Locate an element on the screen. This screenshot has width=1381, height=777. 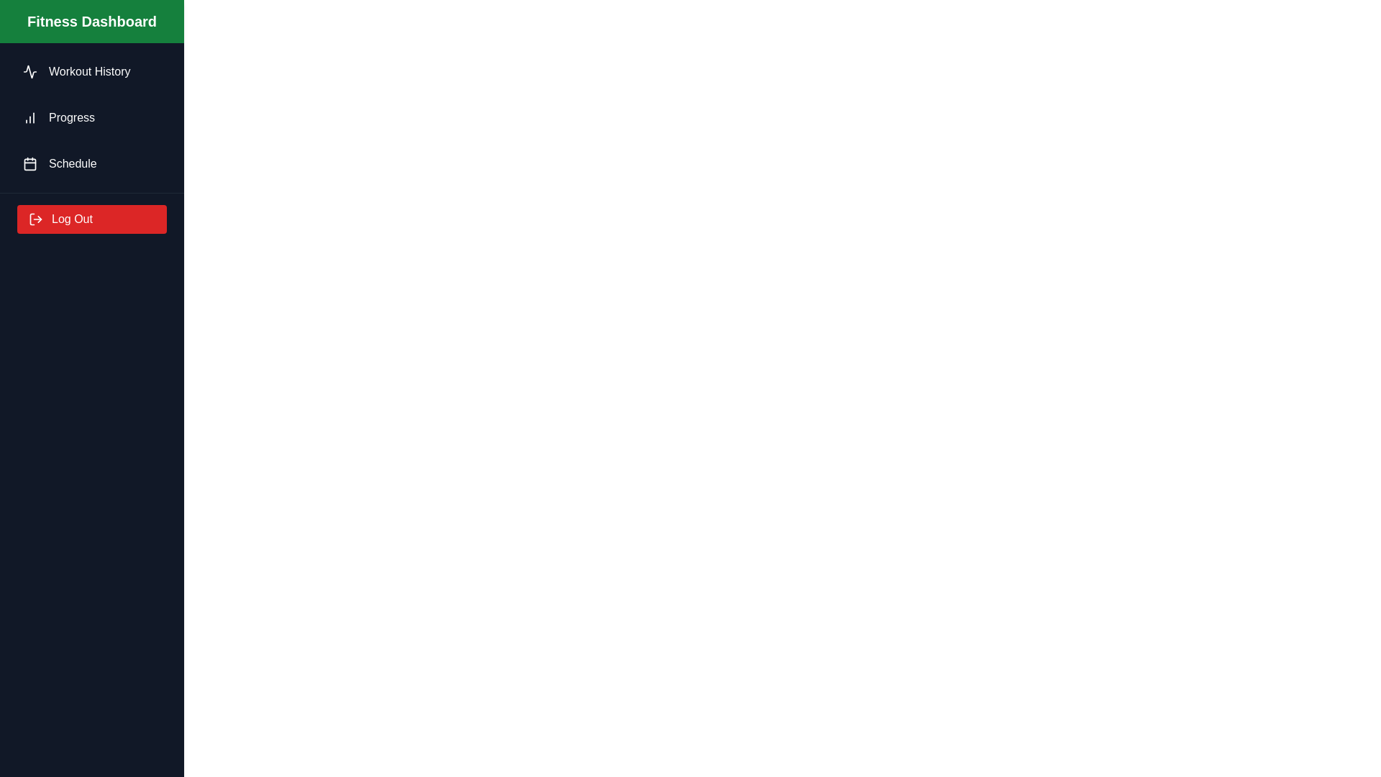
the compact SVG icon resembling a rightward-pointing arrow, which is located to the left of the 'Log Out' text label on the red rectangular button at the bottom of the vertical sidebar is located at coordinates (35, 219).